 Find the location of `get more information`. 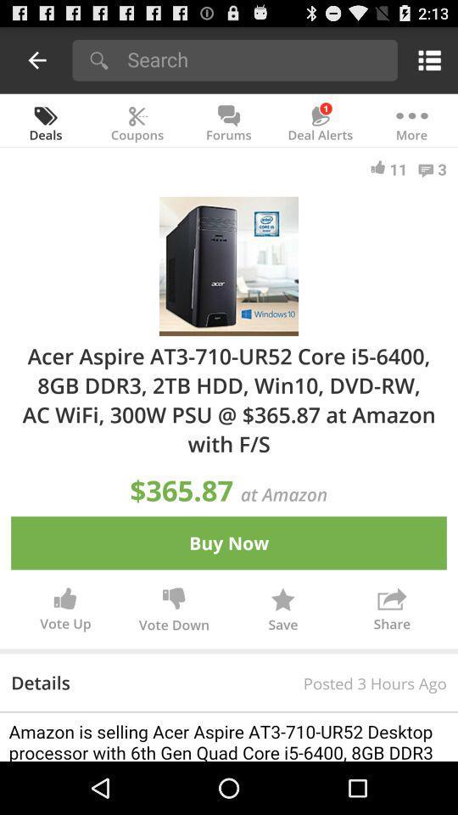

get more information is located at coordinates (229, 736).